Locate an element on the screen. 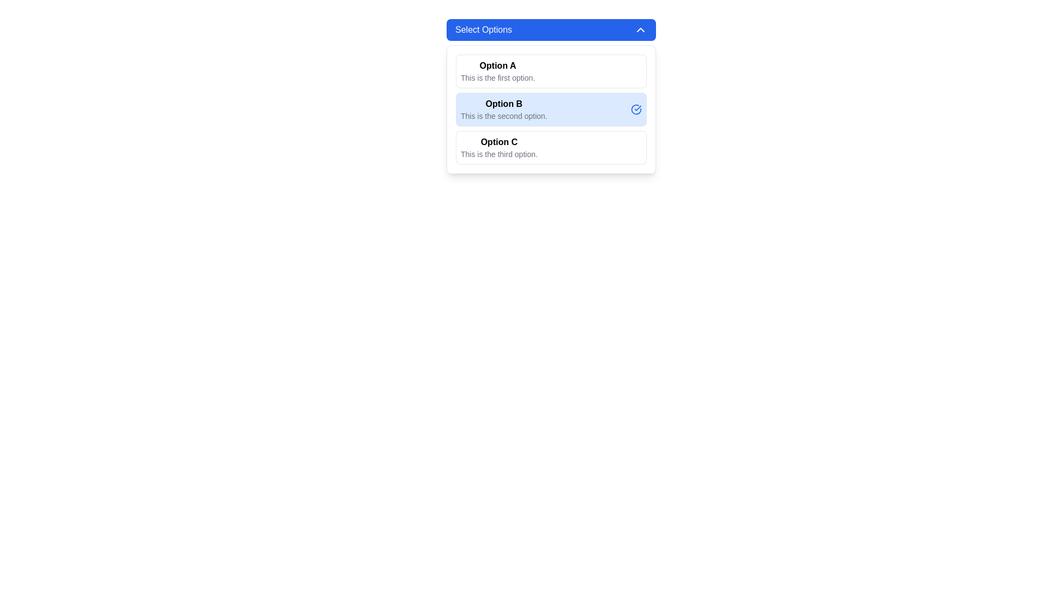 The height and width of the screenshot is (589, 1047). the 'Option C' text label displayed in bold black font within the dropdown menu interface is located at coordinates (498, 141).